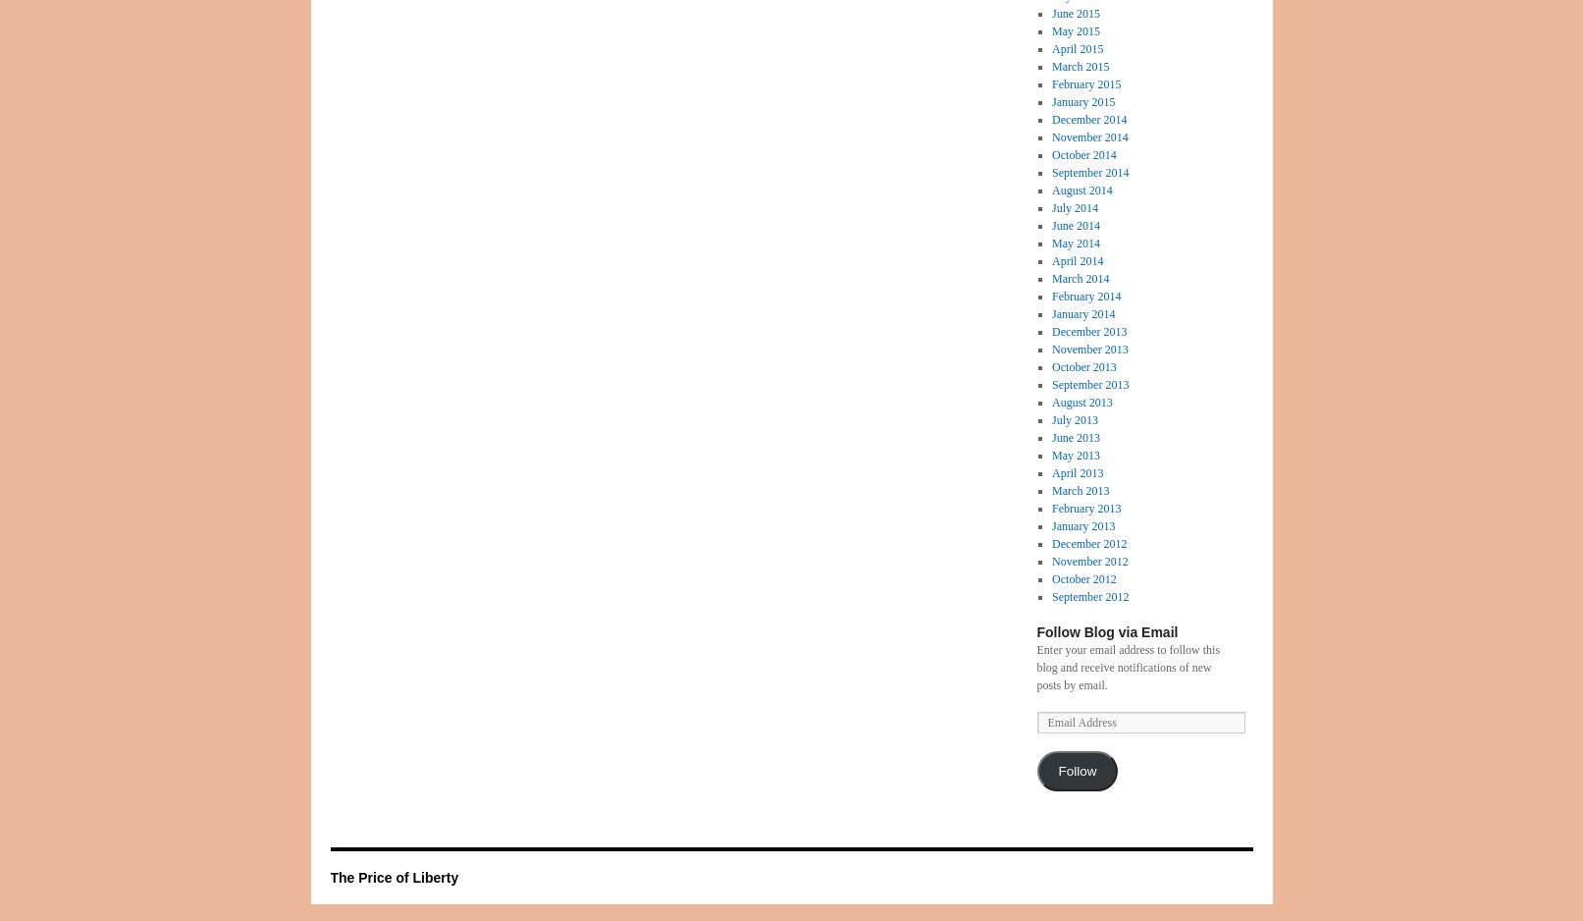  I want to click on 'June 2014', so click(1051, 225).